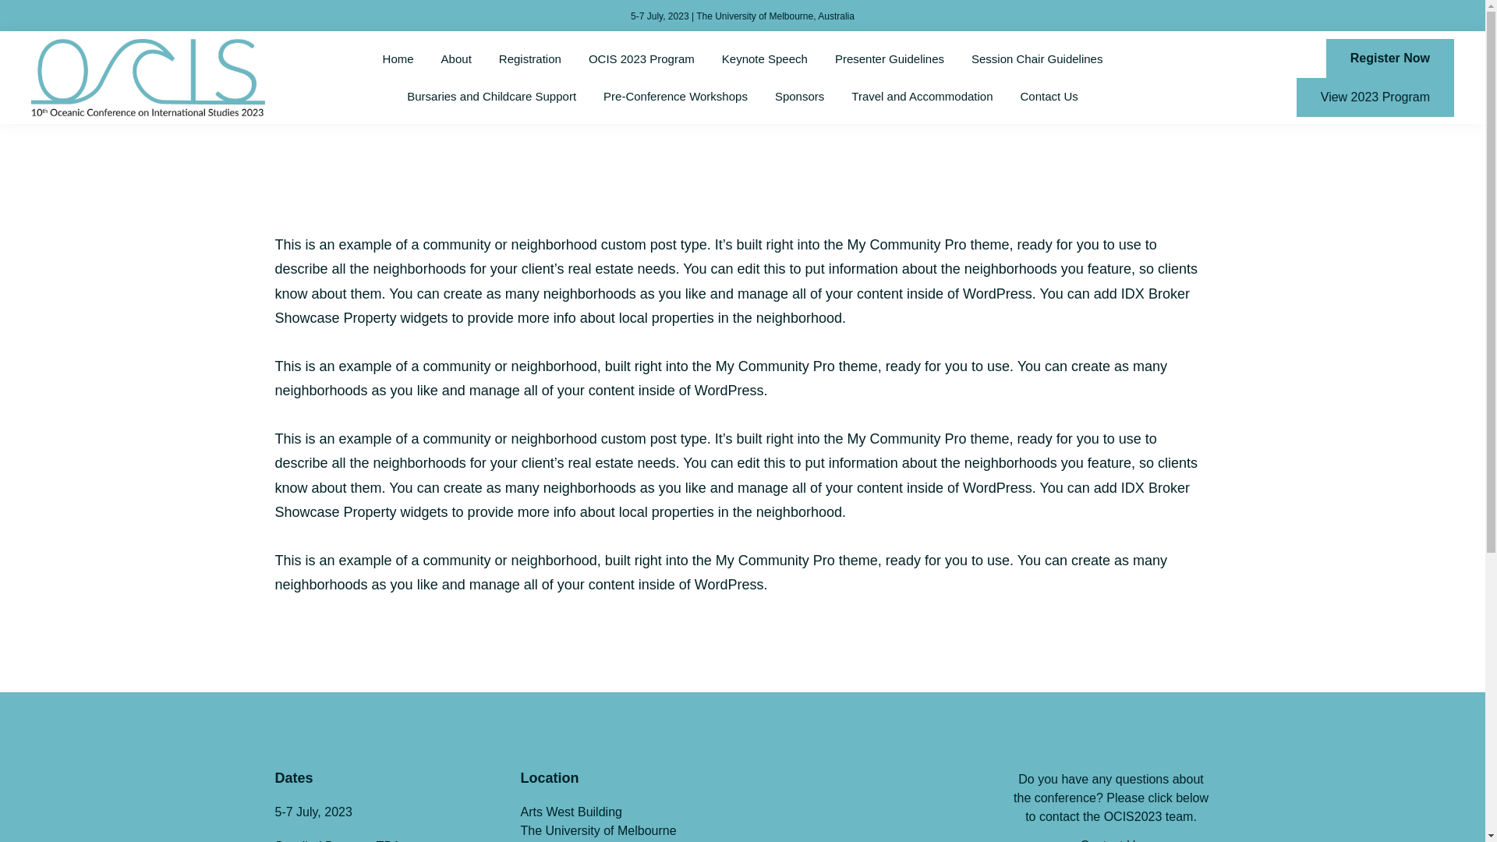  What do you see at coordinates (0, 0) in the screenshot?
I see `'Skip to primary navigation'` at bounding box center [0, 0].